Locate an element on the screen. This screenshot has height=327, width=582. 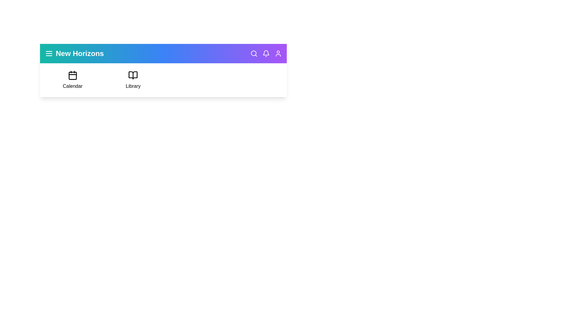
the user profile icon located at the top-right corner of the app bar is located at coordinates (278, 53).